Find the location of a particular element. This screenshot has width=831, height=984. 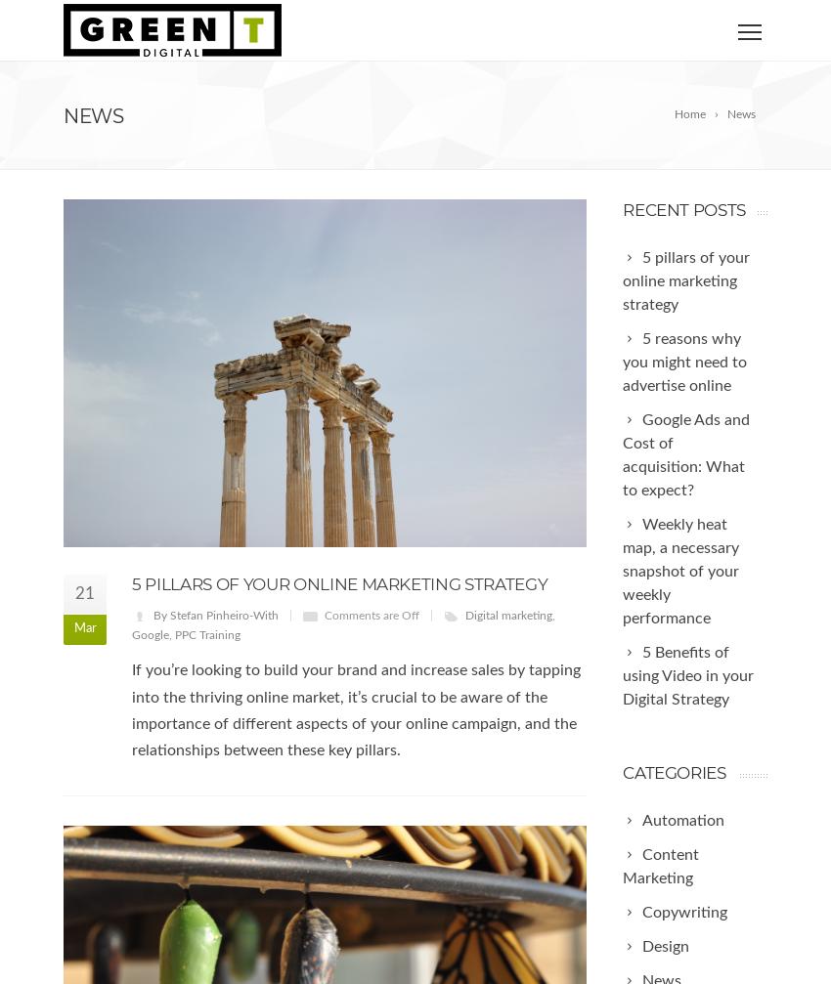

'Design' is located at coordinates (665, 945).